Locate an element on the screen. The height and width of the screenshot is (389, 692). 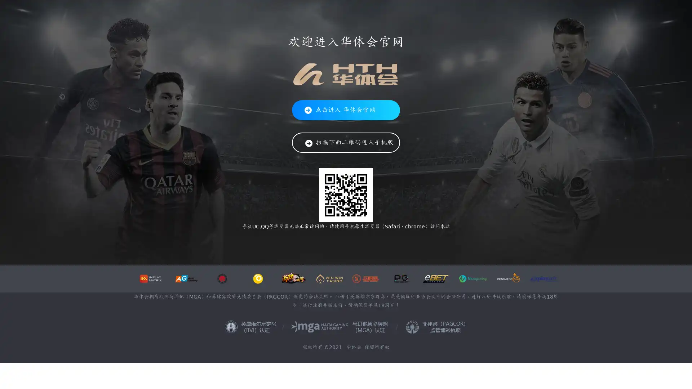
12 is located at coordinates (370, 240).